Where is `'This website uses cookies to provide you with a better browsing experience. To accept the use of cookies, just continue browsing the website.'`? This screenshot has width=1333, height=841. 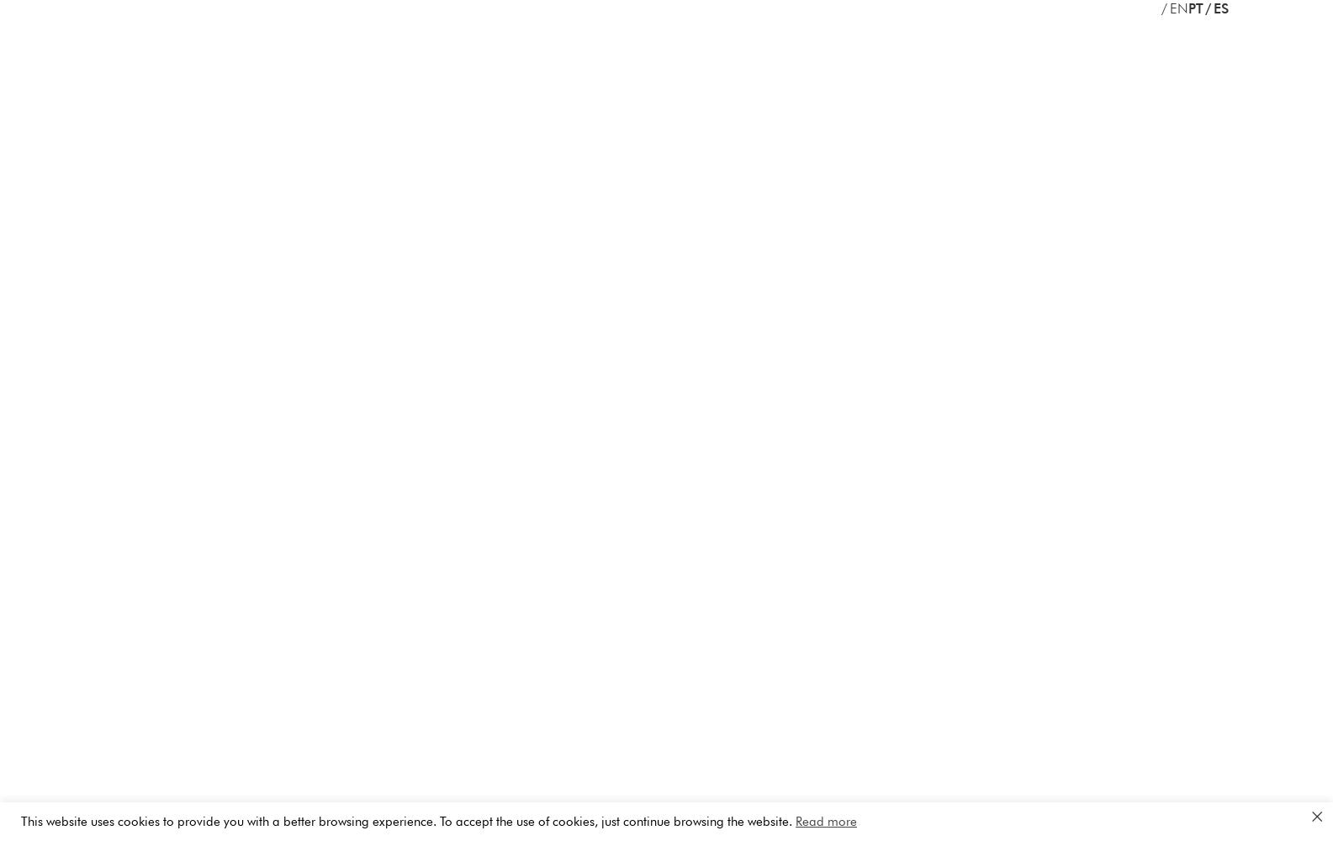
'This website uses cookies to provide you with a better browsing experience. To accept the use of cookies, just continue browsing the website.' is located at coordinates (408, 820).